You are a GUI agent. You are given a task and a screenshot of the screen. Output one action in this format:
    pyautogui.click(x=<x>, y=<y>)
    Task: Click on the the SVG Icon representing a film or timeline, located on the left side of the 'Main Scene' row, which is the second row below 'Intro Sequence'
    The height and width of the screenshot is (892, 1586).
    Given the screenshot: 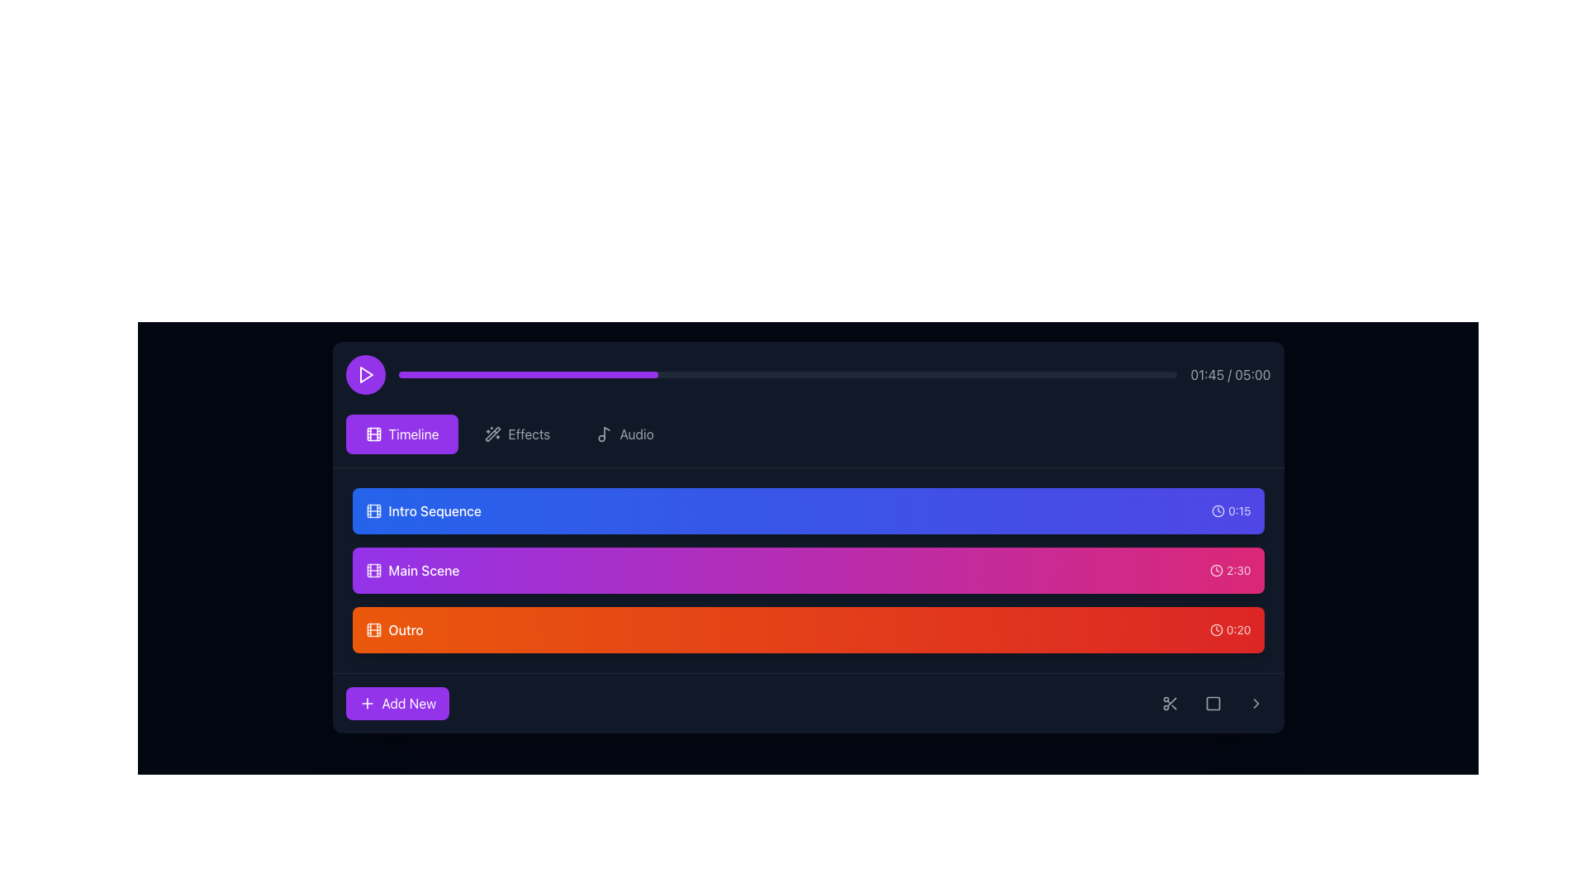 What is the action you would take?
    pyautogui.click(x=373, y=569)
    